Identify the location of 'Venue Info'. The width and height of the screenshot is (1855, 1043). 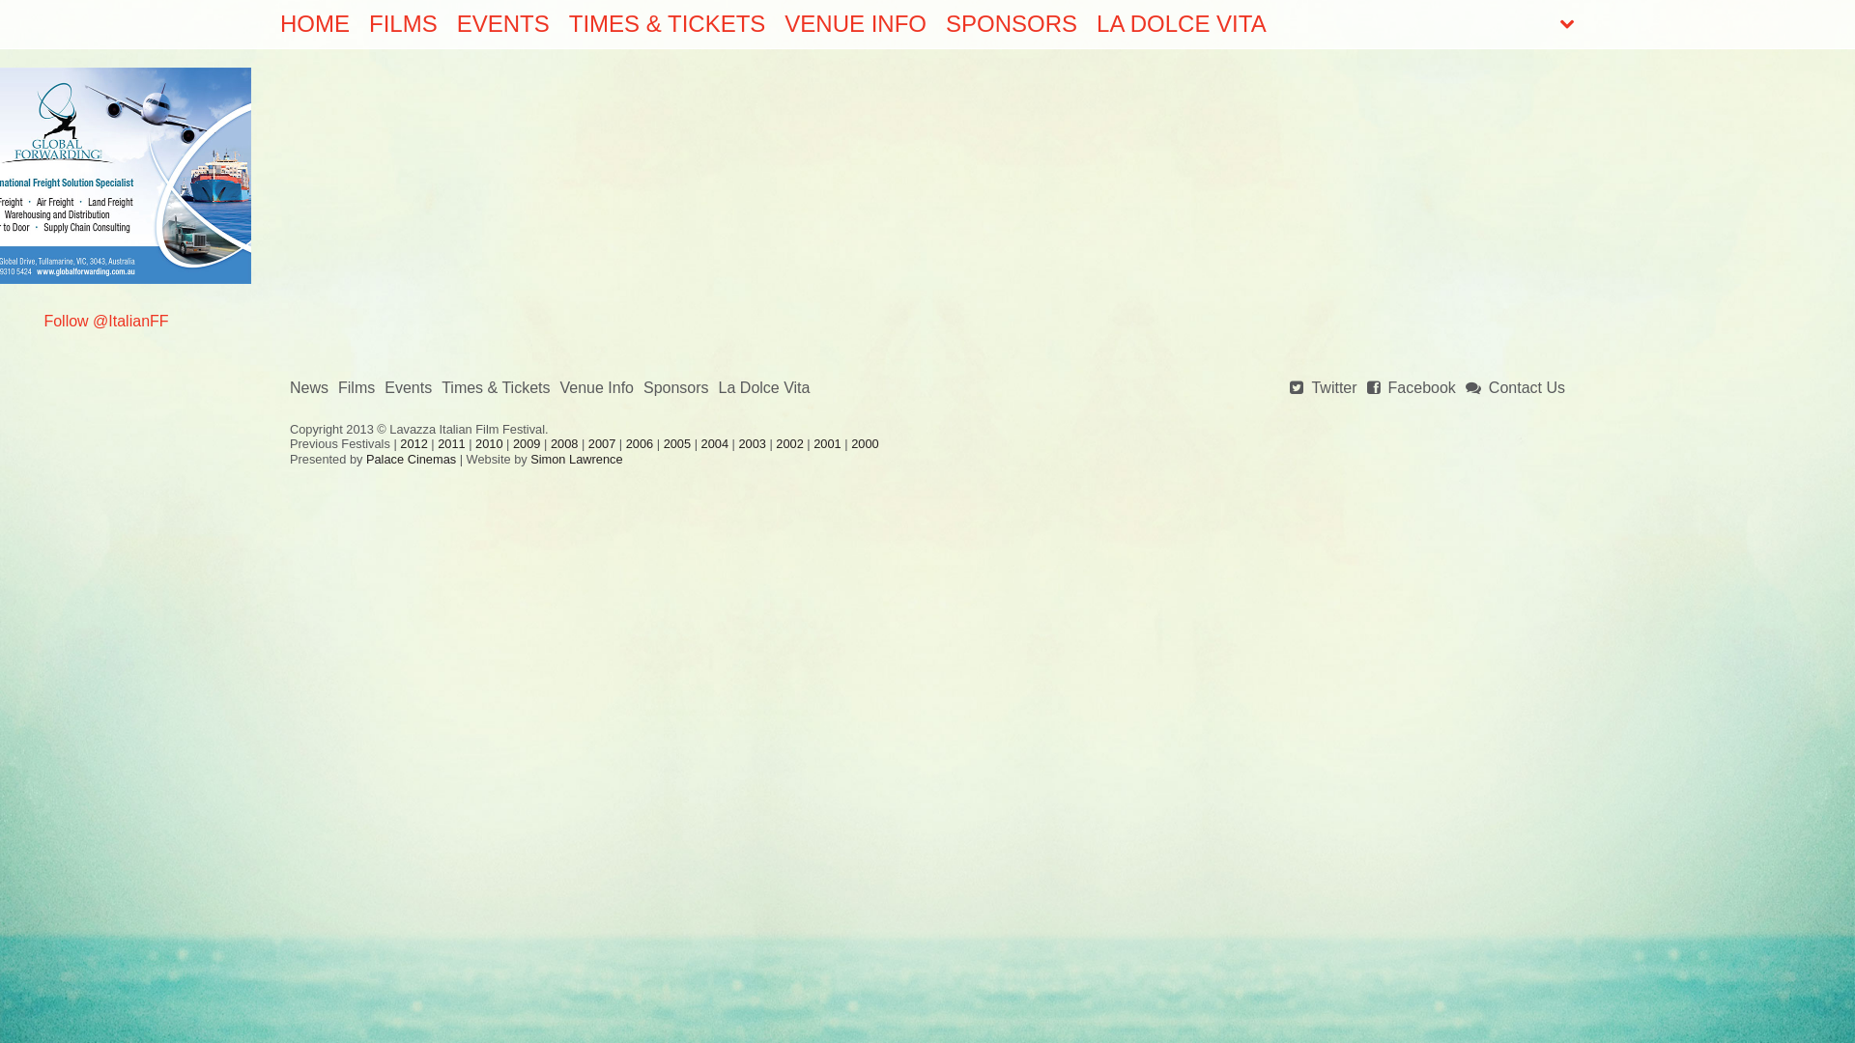
(595, 388).